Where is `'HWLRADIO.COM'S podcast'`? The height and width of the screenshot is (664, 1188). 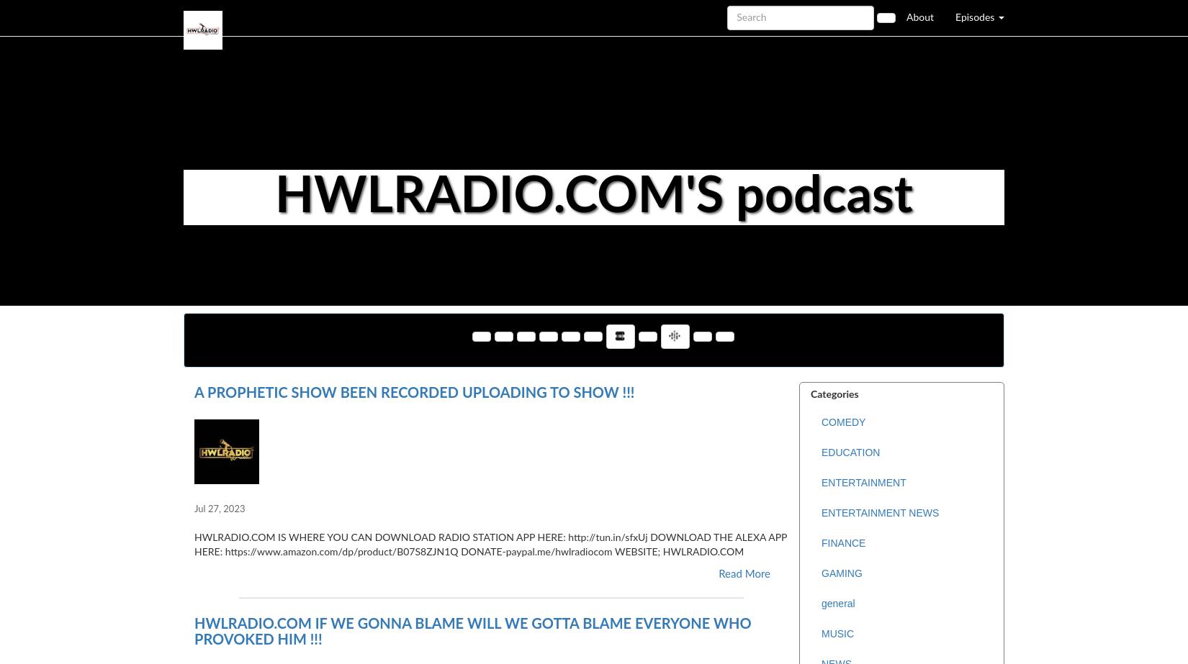 'HWLRADIO.COM'S podcast' is located at coordinates (593, 197).